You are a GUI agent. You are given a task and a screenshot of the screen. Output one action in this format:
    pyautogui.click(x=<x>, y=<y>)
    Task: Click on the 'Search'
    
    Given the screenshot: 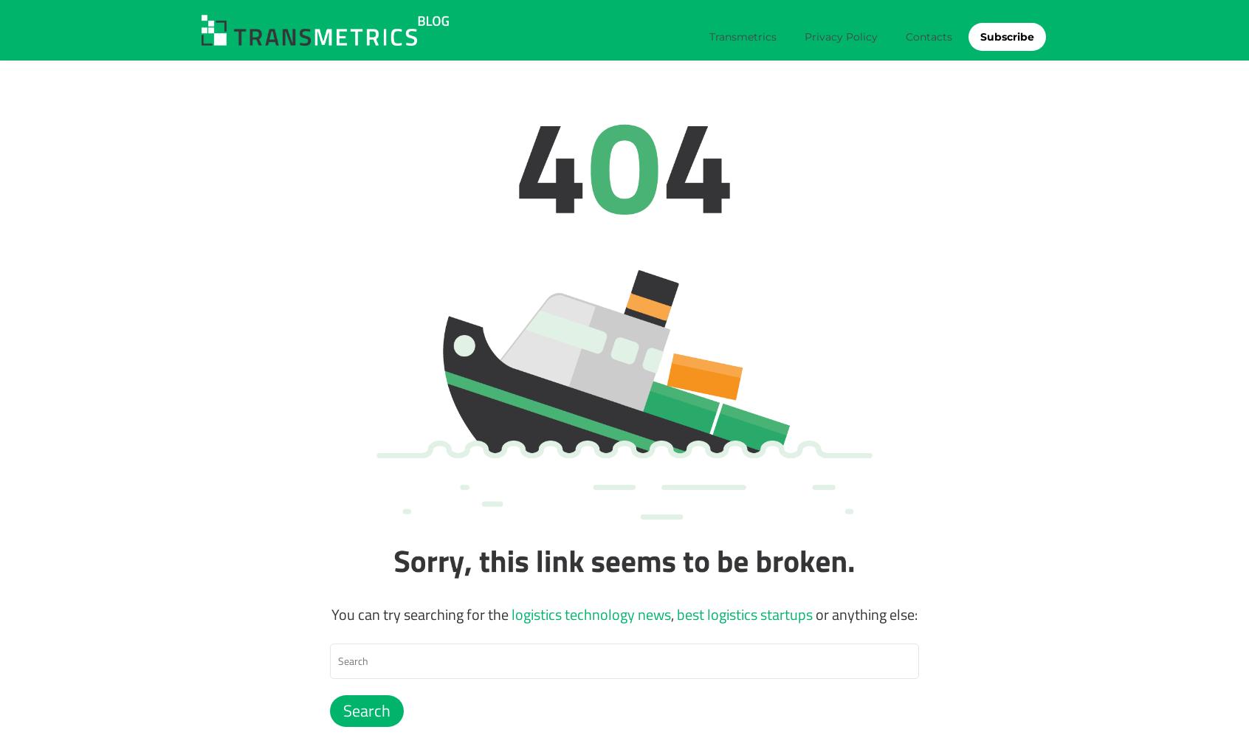 What is the action you would take?
    pyautogui.click(x=366, y=709)
    